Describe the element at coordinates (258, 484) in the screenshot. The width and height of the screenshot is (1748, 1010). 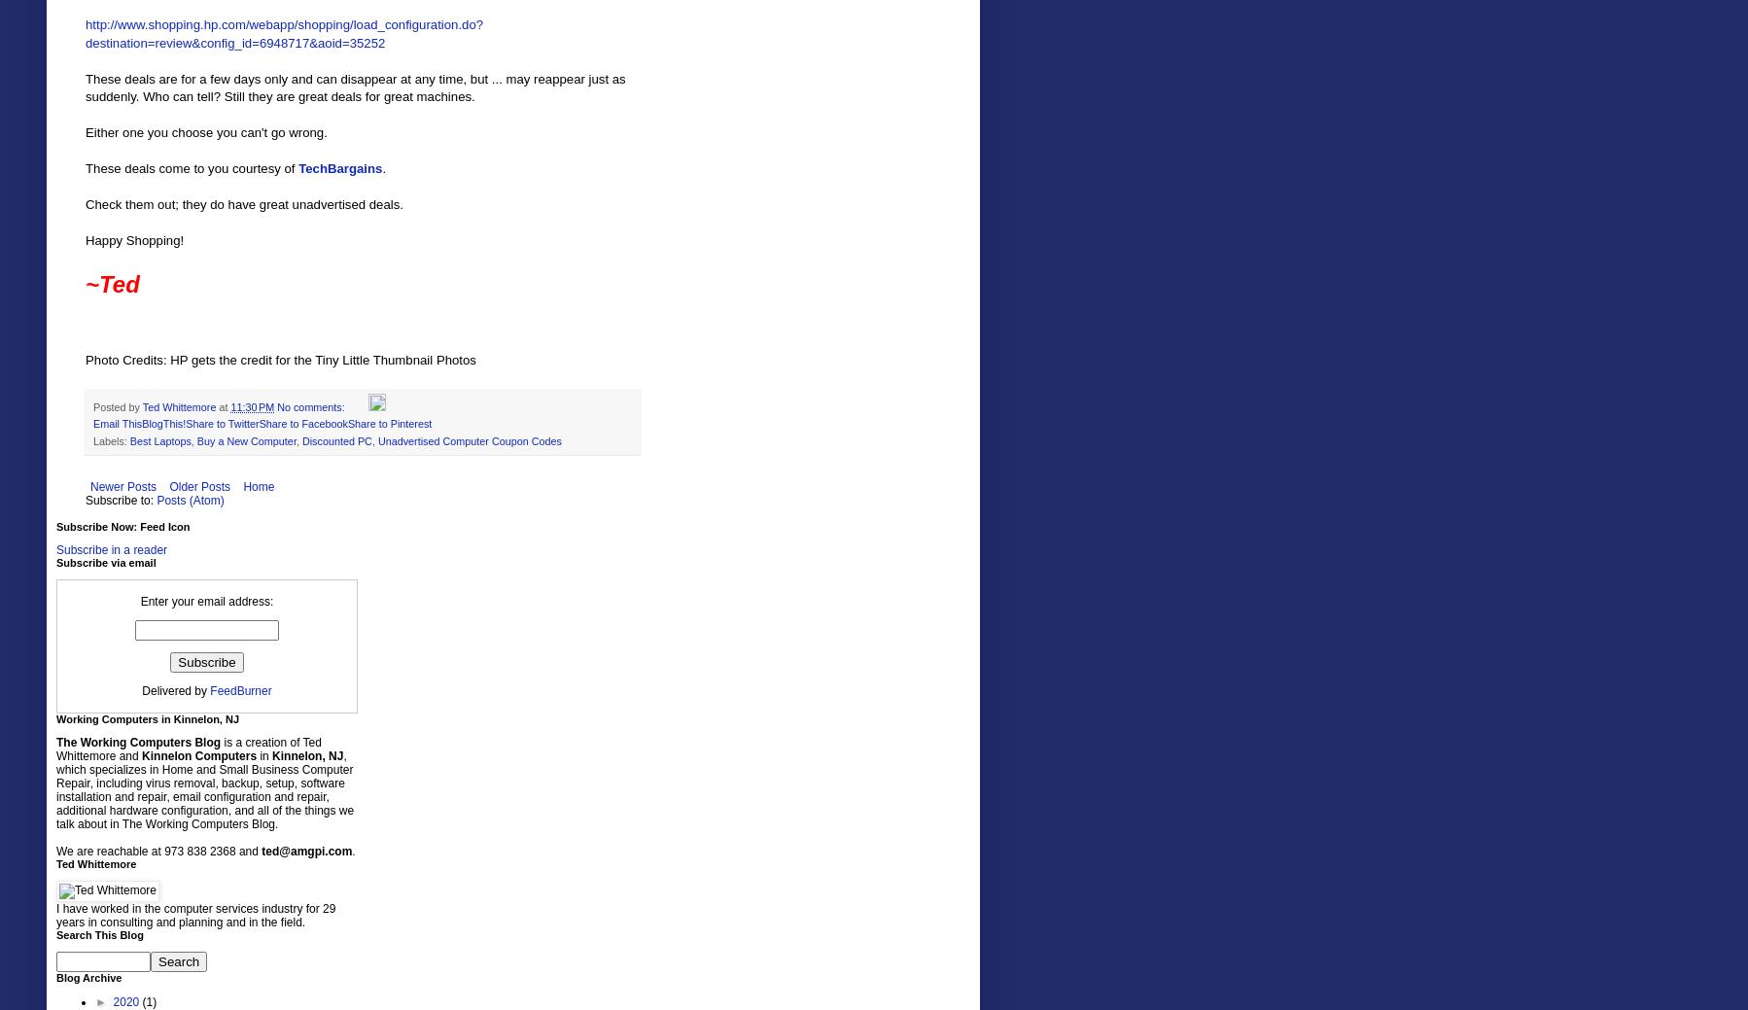
I see `'Home'` at that location.